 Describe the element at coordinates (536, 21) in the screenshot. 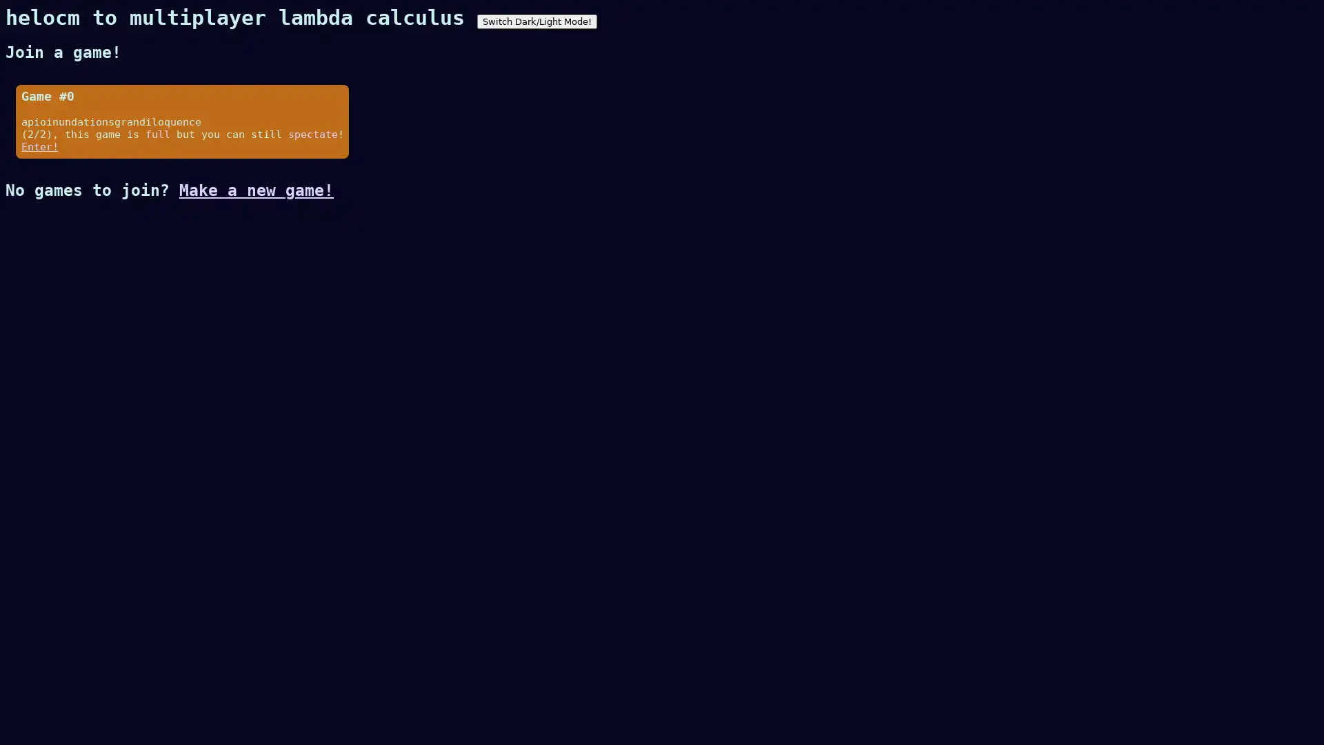

I see `Switch Dark/Light Mode!` at that location.